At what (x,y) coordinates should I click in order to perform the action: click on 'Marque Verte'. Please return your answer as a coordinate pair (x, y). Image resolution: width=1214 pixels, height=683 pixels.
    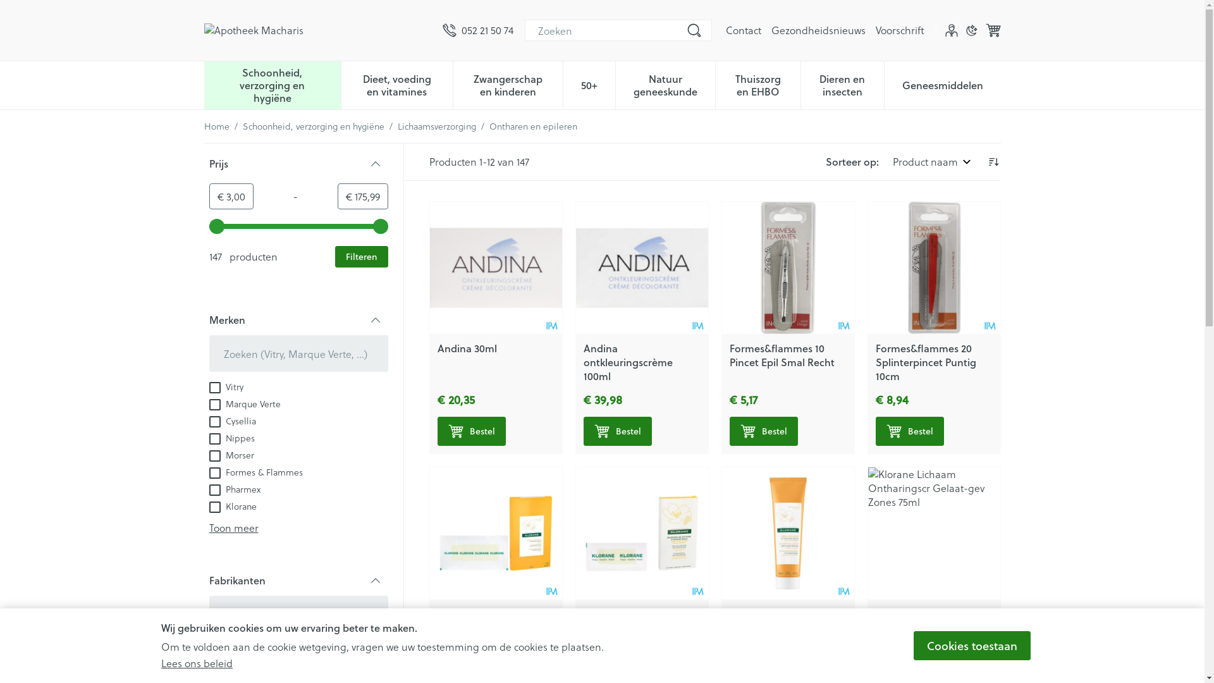
    Looking at the image, I should click on (244, 403).